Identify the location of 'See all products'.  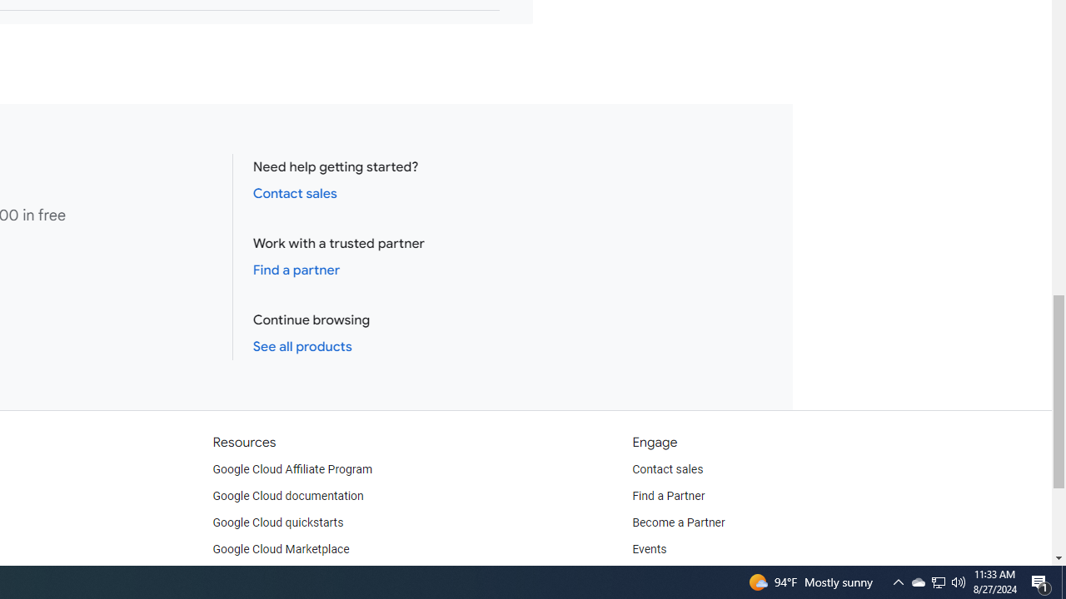
(301, 345).